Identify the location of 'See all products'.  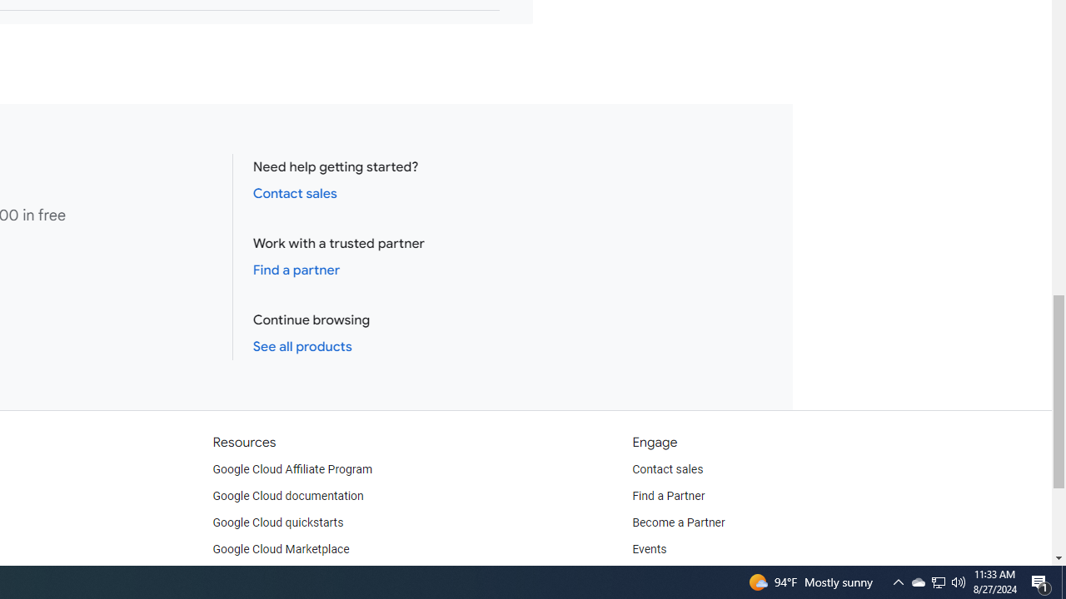
(301, 345).